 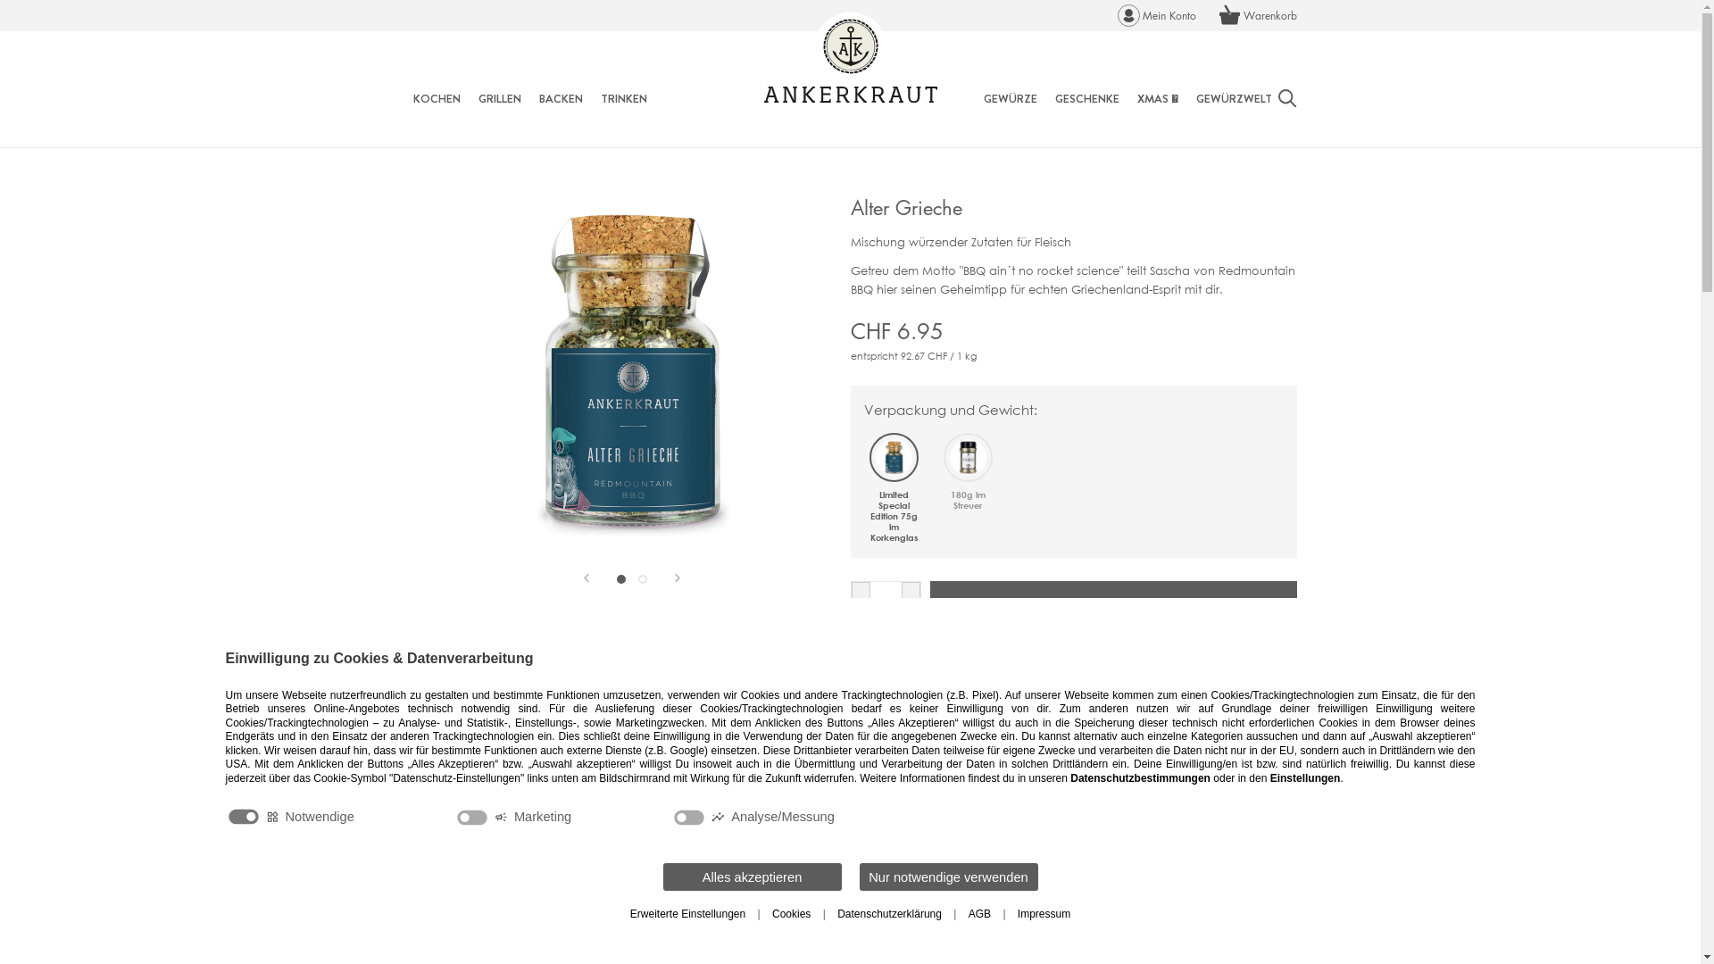 What do you see at coordinates (762, 913) in the screenshot?
I see `'Cookies'` at bounding box center [762, 913].